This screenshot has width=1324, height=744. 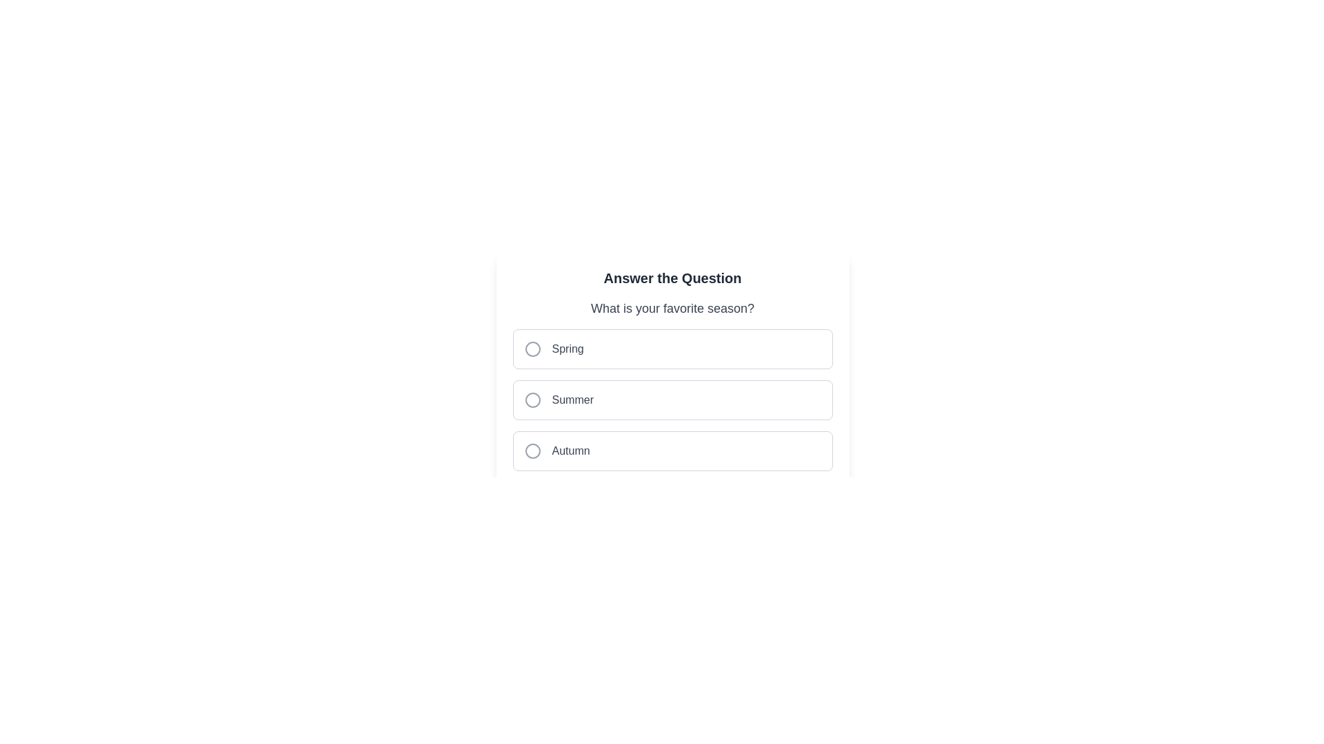 What do you see at coordinates (532, 348) in the screenshot?
I see `the first radio button in the 'Spring' section` at bounding box center [532, 348].